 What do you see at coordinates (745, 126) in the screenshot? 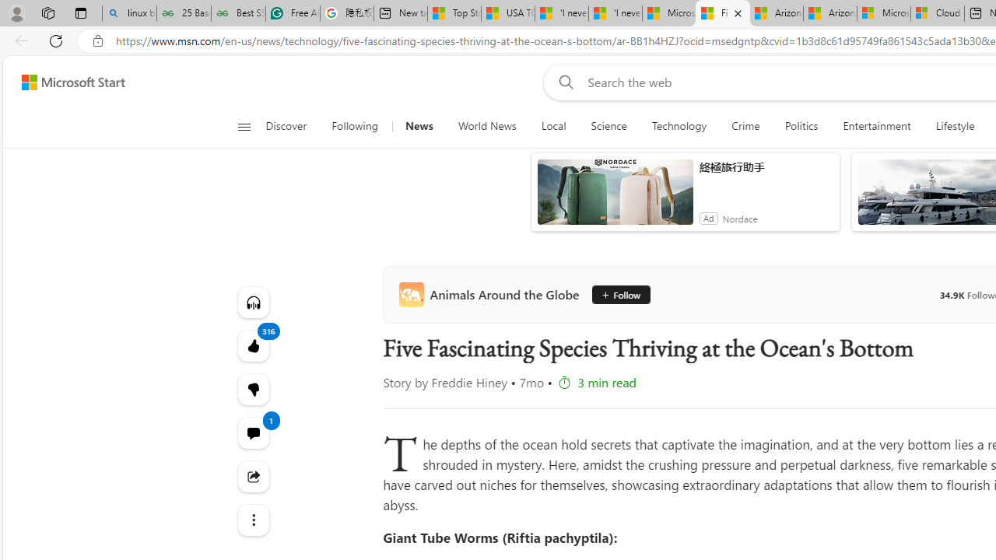
I see `'Crime'` at bounding box center [745, 126].